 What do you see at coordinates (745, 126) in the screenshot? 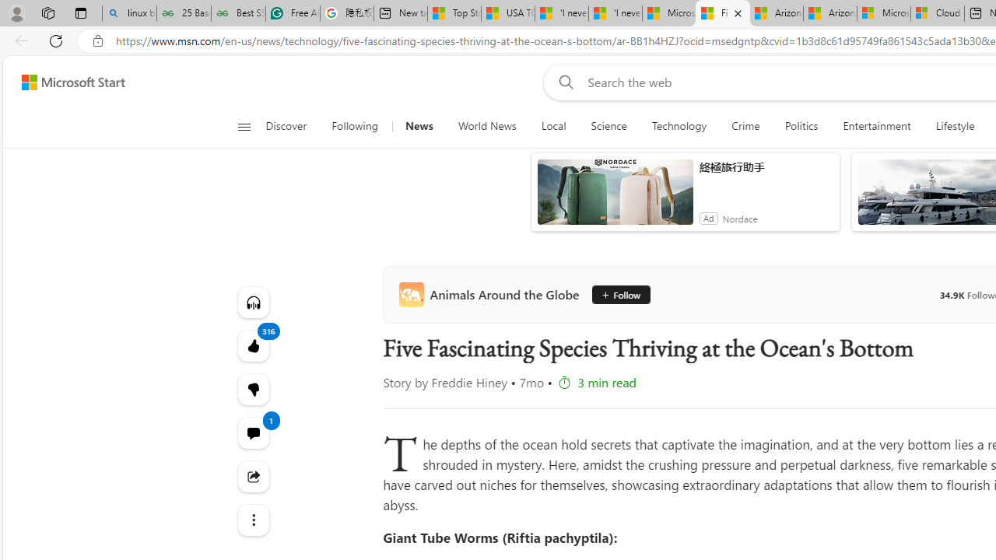
I see `'Crime'` at bounding box center [745, 126].